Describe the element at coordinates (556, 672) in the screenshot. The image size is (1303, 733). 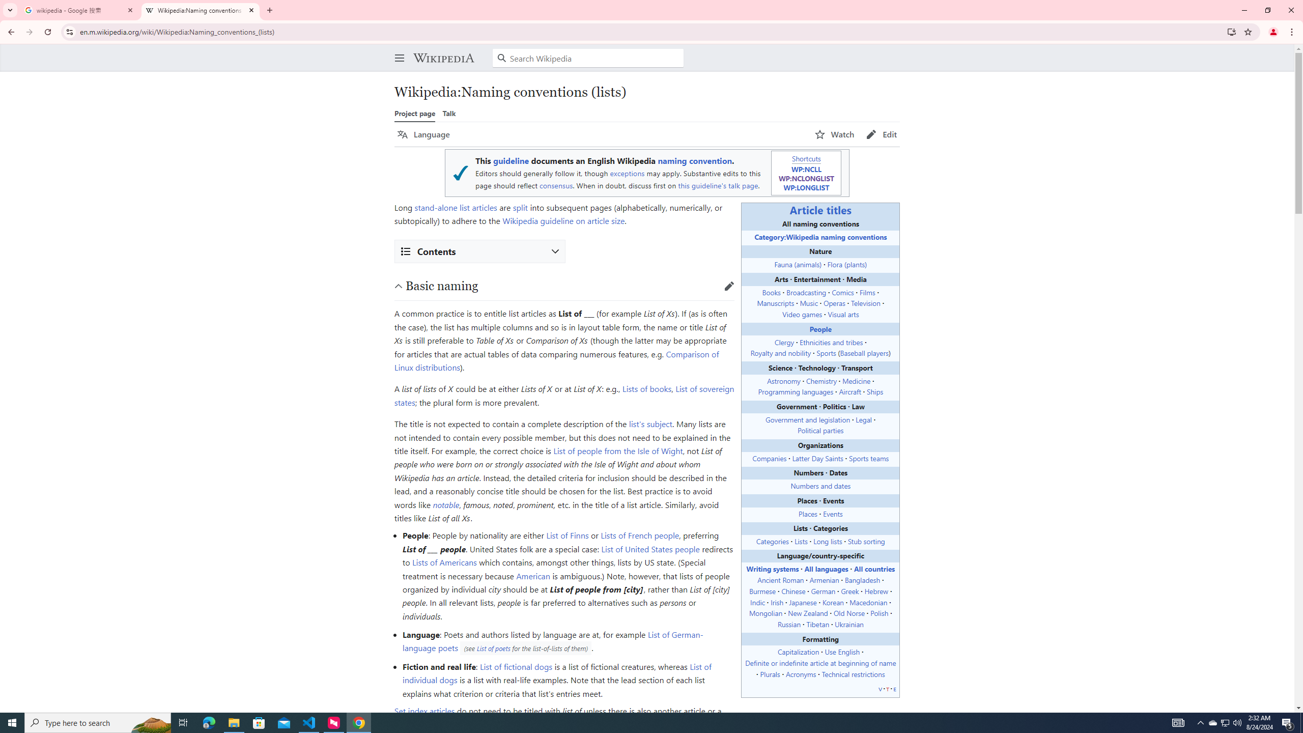
I see `'List of individual dogs'` at that location.